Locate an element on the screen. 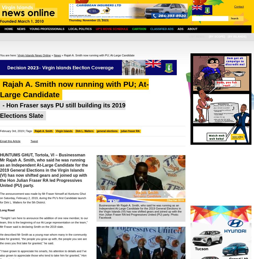 Image resolution: width=254 pixels, height=259 pixels. 'general elections' is located at coordinates (107, 131).